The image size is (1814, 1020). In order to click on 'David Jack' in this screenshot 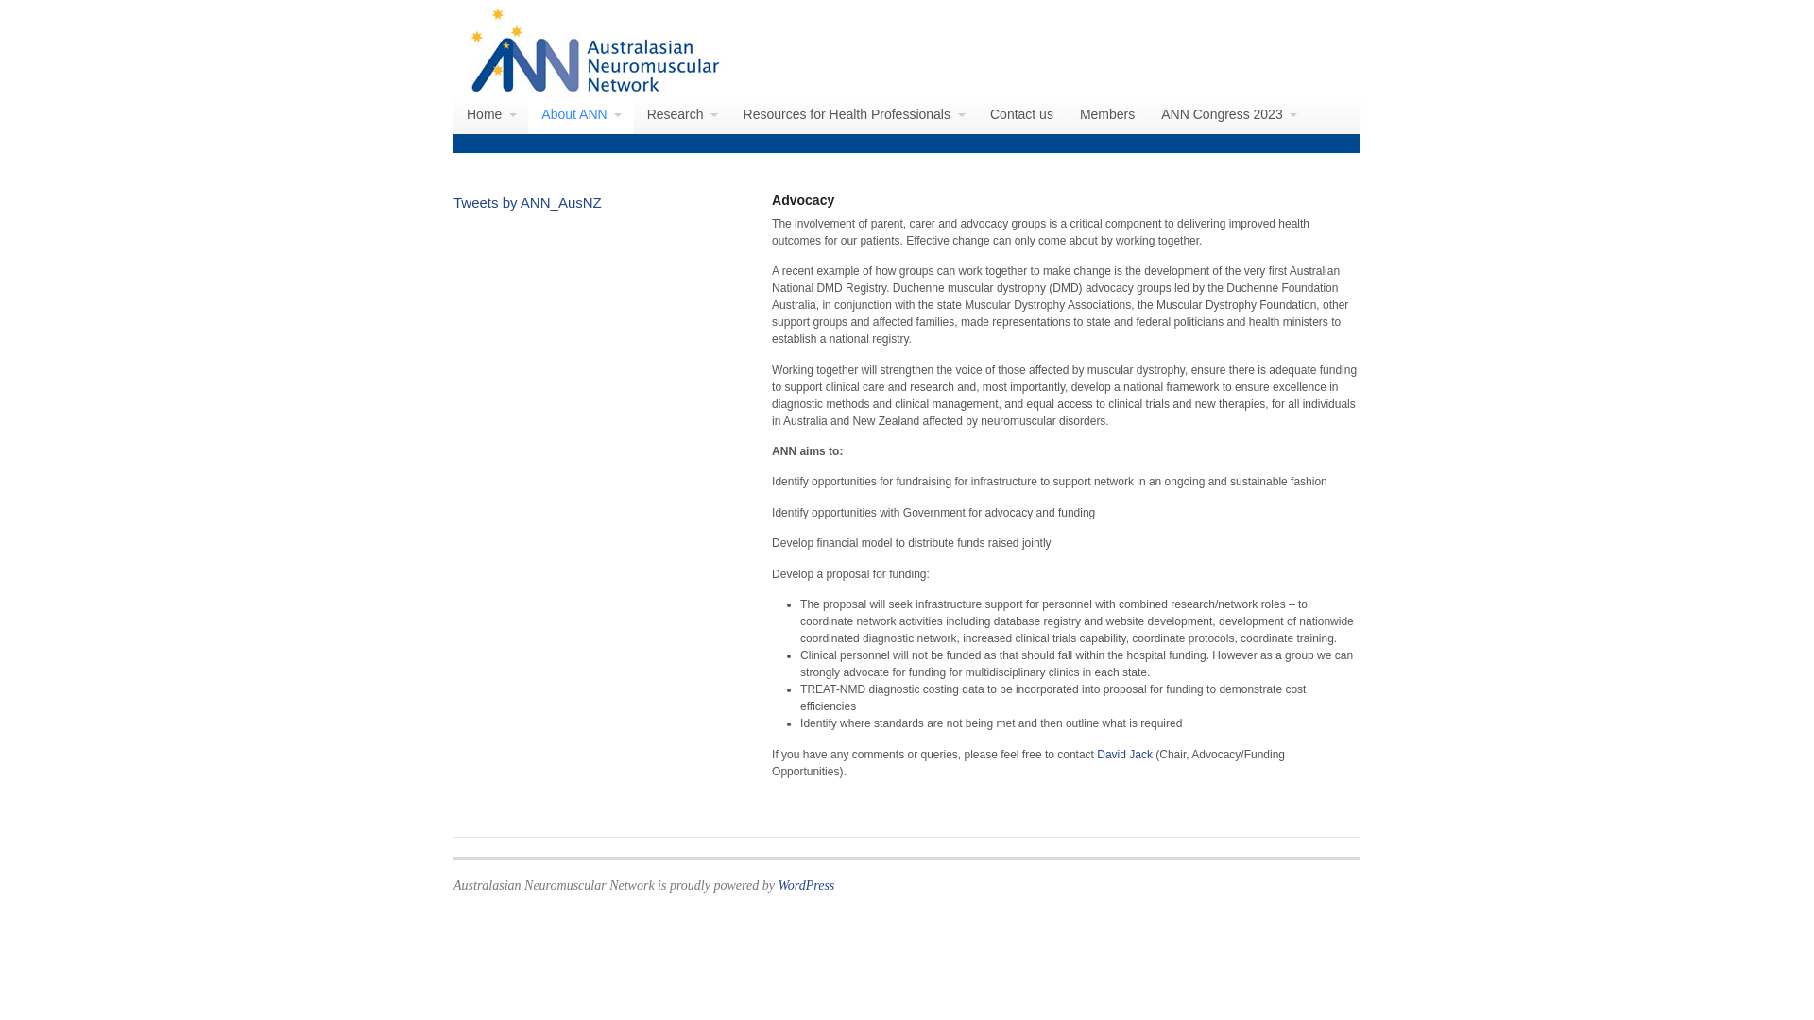, I will do `click(1124, 753)`.